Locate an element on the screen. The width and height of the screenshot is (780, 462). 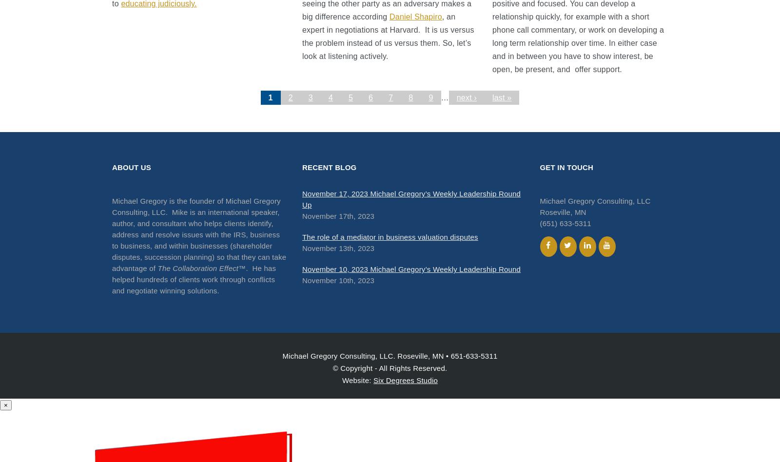
'.  He has helped hundreds of clients work through conflicts and negotiate winning solutions.' is located at coordinates (194, 279).